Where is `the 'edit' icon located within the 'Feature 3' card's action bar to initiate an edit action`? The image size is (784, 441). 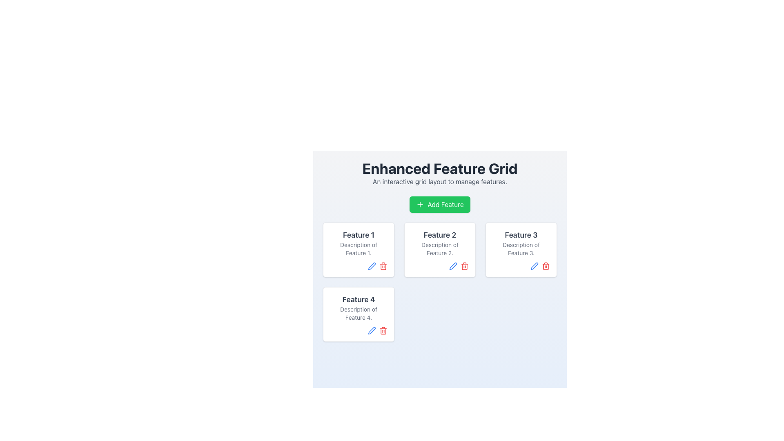 the 'edit' icon located within the 'Feature 3' card's action bar to initiate an edit action is located at coordinates (535, 266).